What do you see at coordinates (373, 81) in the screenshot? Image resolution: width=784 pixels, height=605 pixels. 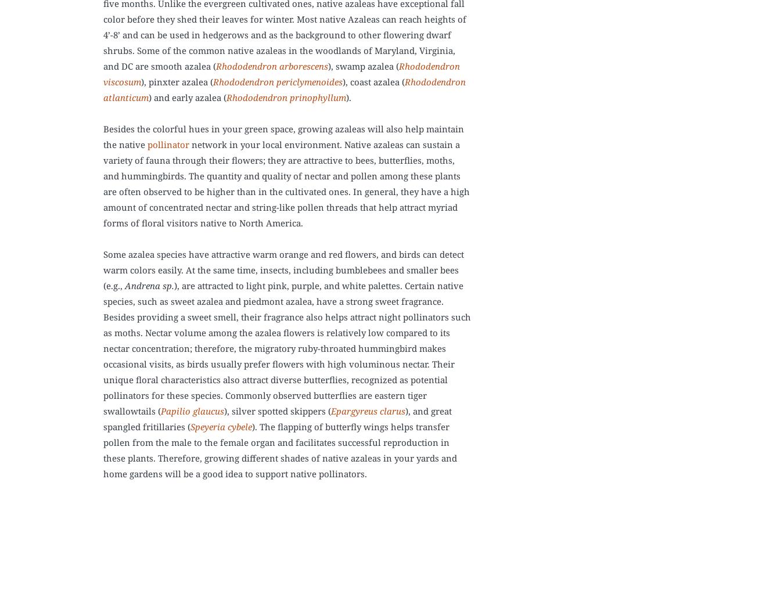 I see `'), coast azalea ('` at bounding box center [373, 81].